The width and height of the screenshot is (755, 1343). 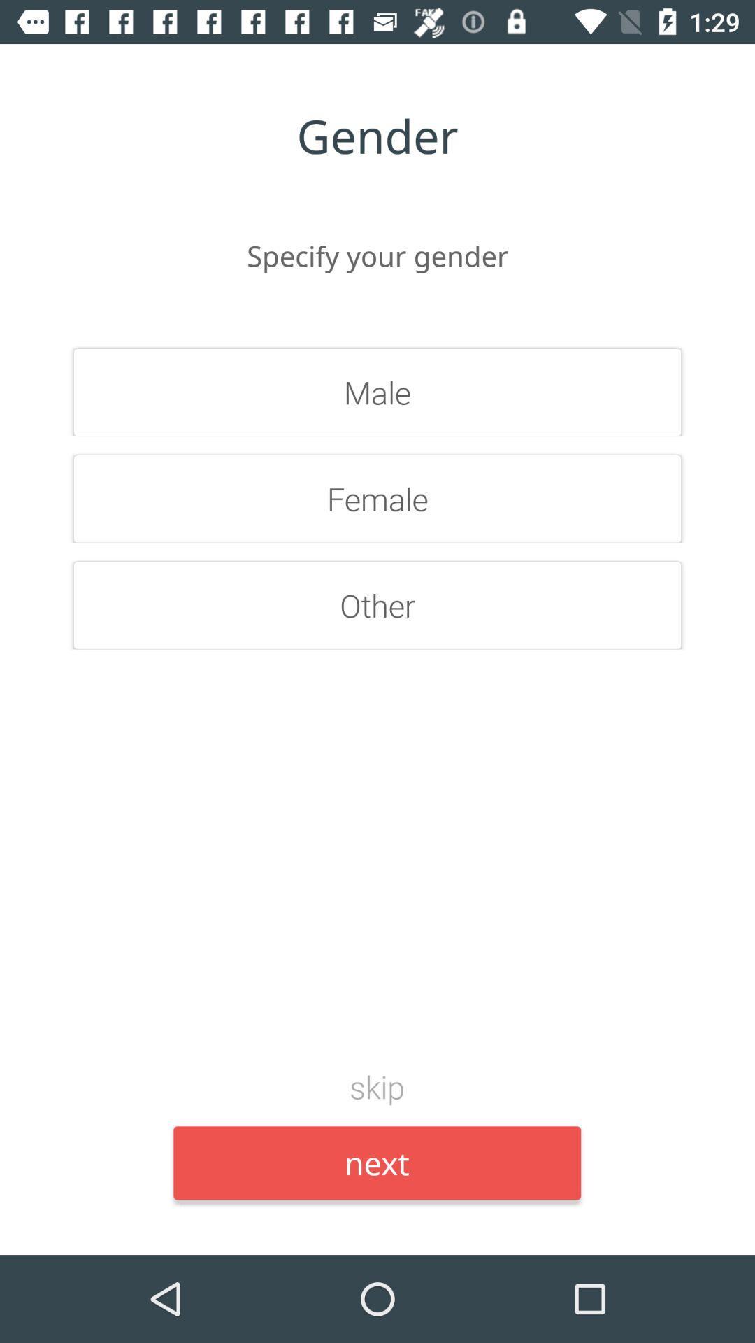 What do you see at coordinates (377, 605) in the screenshot?
I see `the other` at bounding box center [377, 605].